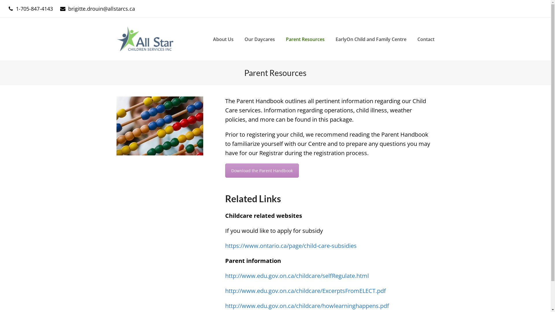 The image size is (555, 312). What do you see at coordinates (160, 125) in the screenshot?
I see `'pic-300x204'` at bounding box center [160, 125].